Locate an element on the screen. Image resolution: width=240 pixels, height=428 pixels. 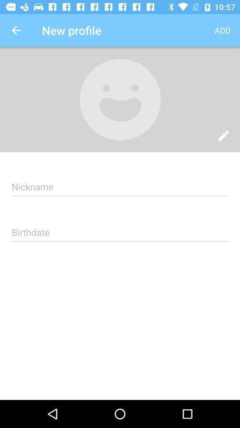
the icon to the left of the new profile icon is located at coordinates (16, 30).